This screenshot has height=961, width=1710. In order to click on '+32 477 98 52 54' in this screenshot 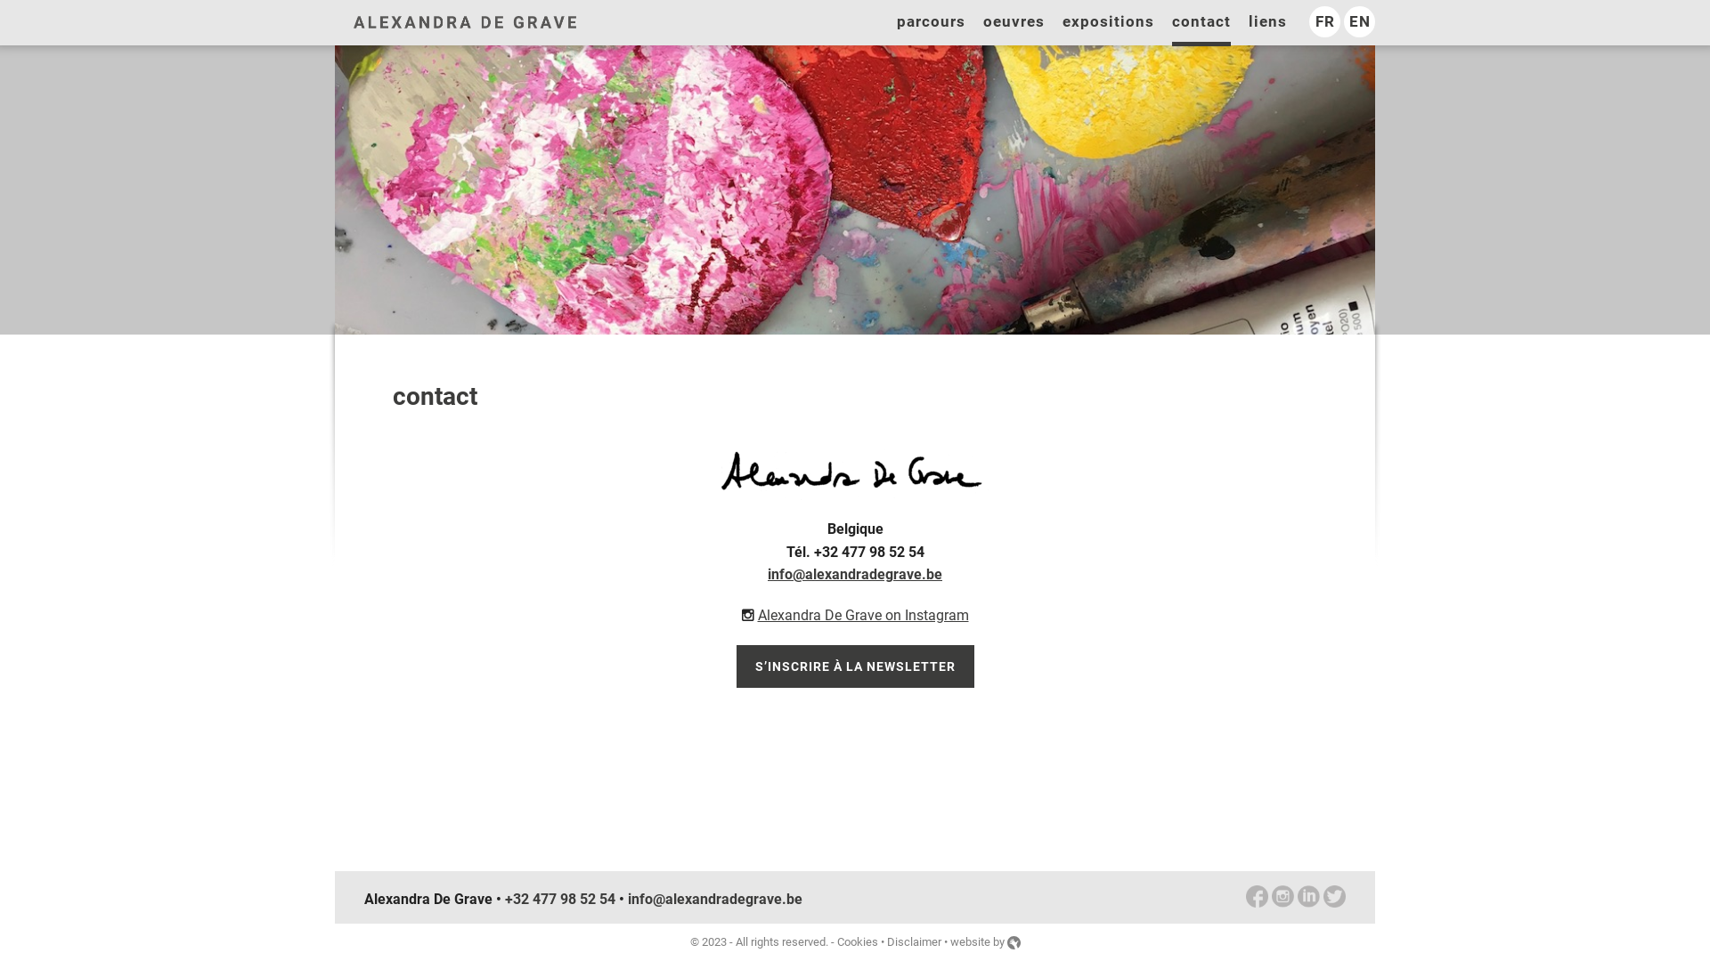, I will do `click(558, 899)`.